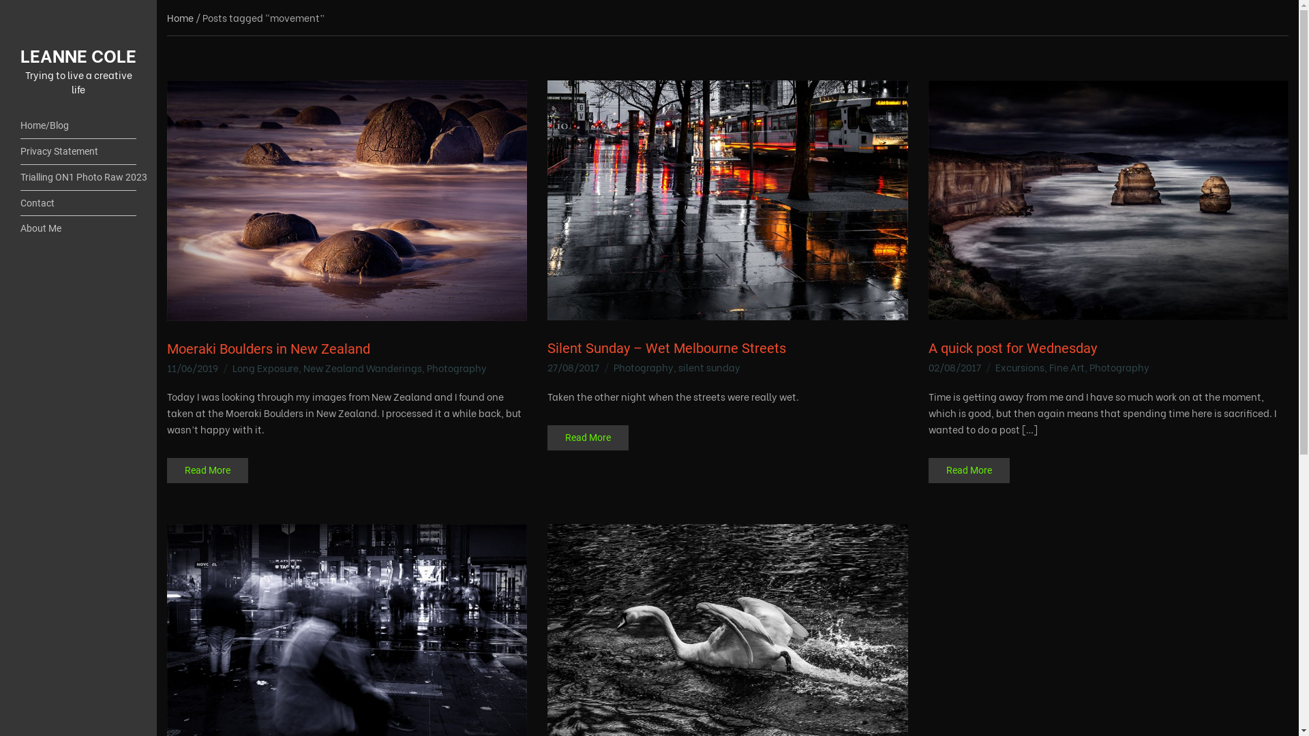  Describe the element at coordinates (78, 126) in the screenshot. I see `'Home/Blog'` at that location.